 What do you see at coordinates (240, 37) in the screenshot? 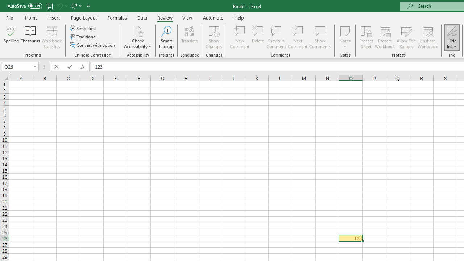
I see `'New Comment'` at bounding box center [240, 37].